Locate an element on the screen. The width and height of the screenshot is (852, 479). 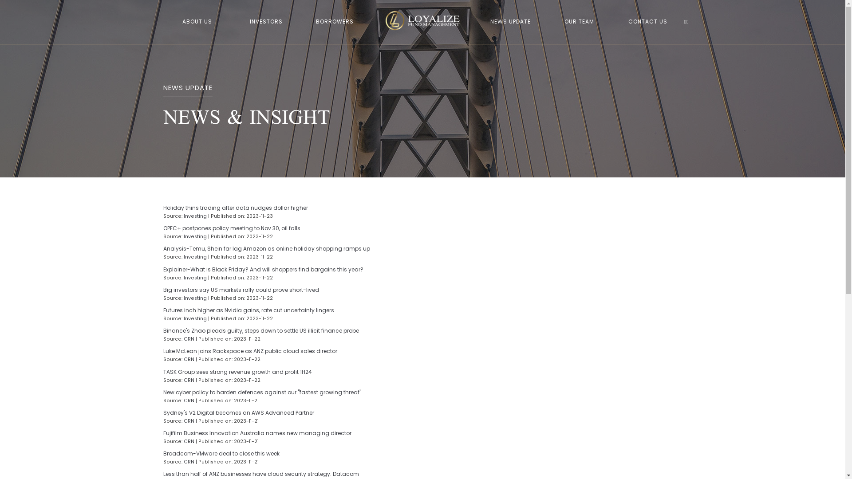
'INVESTORS' is located at coordinates (248, 21).